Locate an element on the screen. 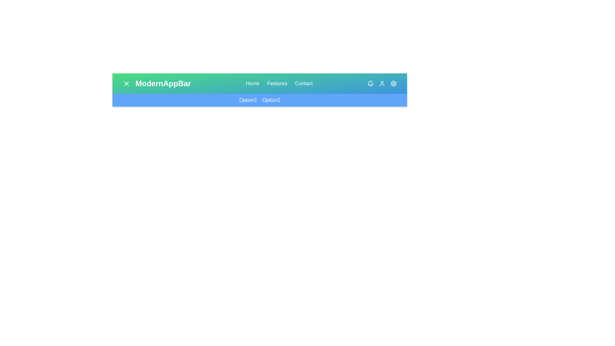  the Bell in the top-right corner is located at coordinates (370, 83).